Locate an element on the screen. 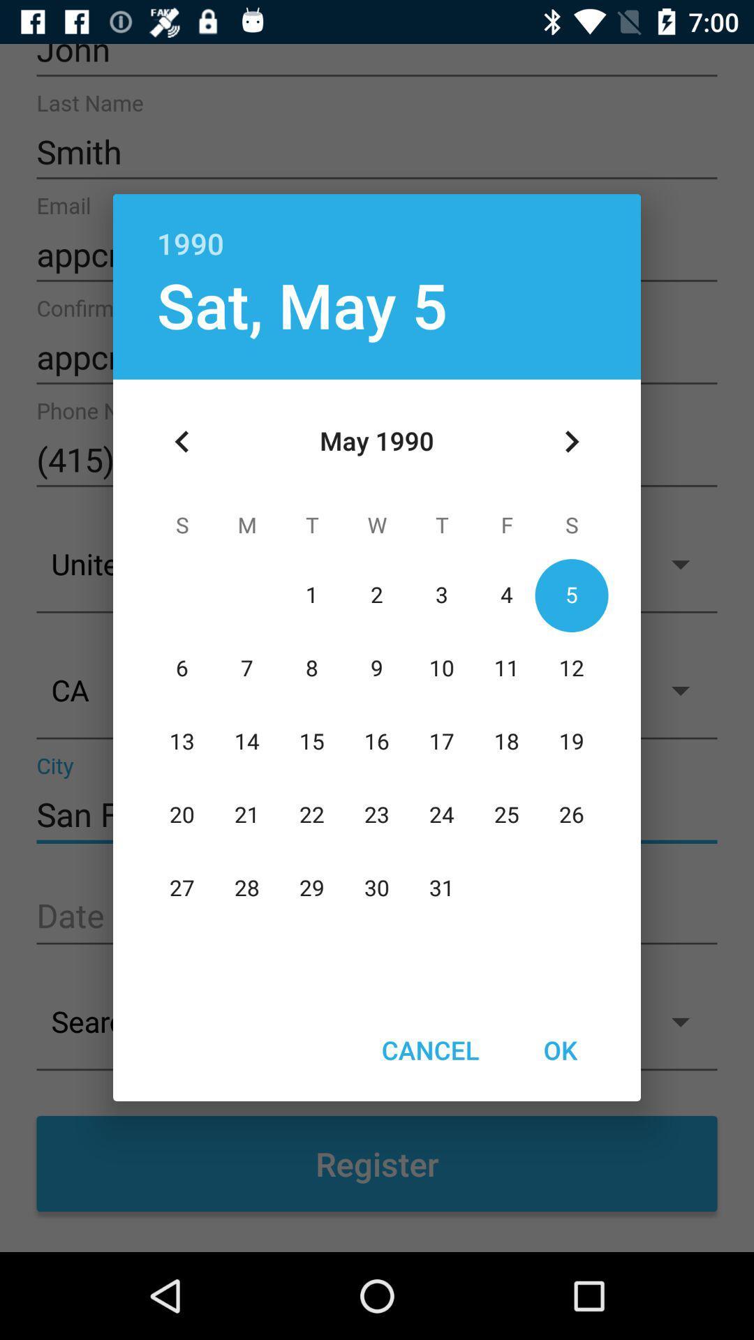  item to the right of the cancel icon is located at coordinates (559, 1050).